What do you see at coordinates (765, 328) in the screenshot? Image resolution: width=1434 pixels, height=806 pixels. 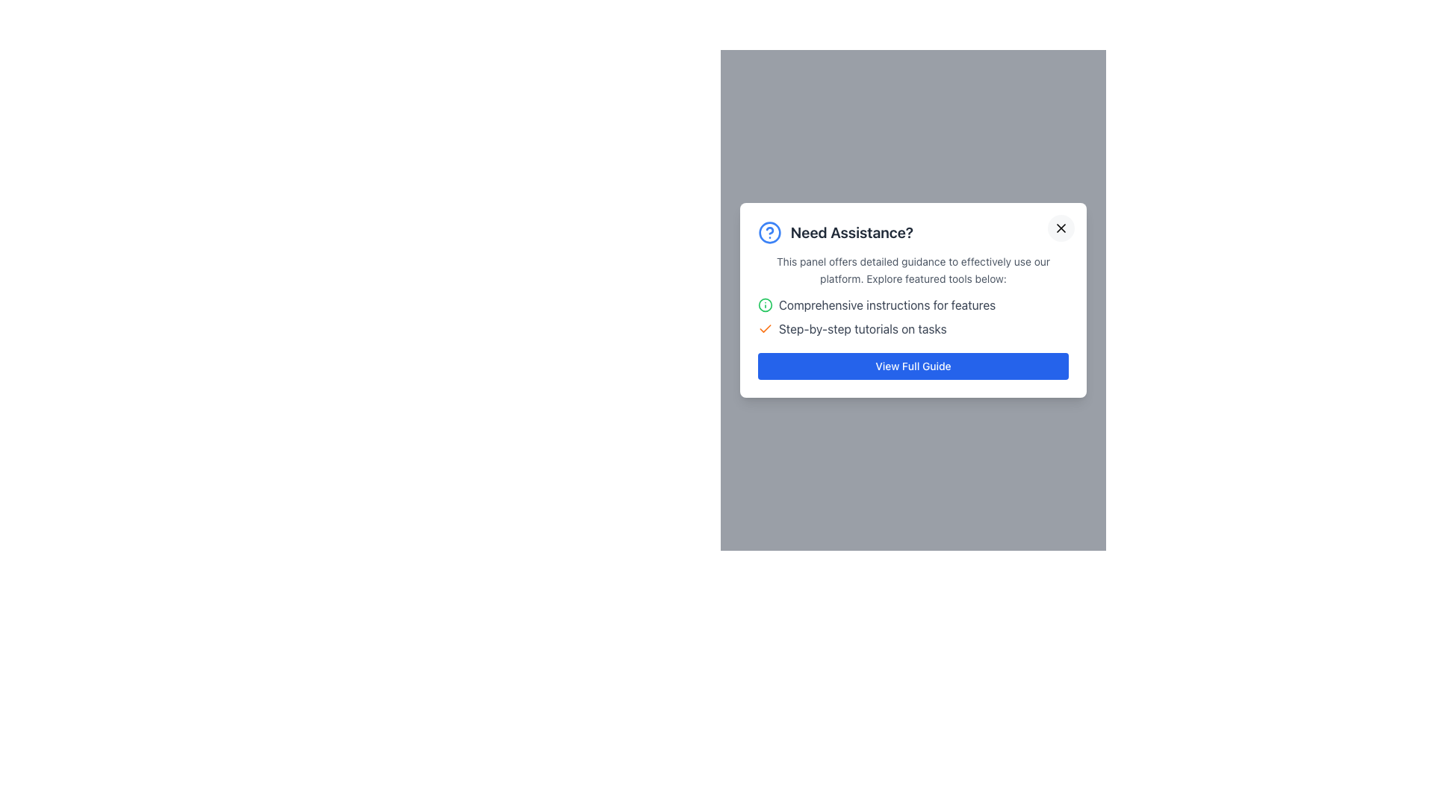 I see `the completion icon located to the left of the text 'Step-by-step tutorials on tasks'` at bounding box center [765, 328].